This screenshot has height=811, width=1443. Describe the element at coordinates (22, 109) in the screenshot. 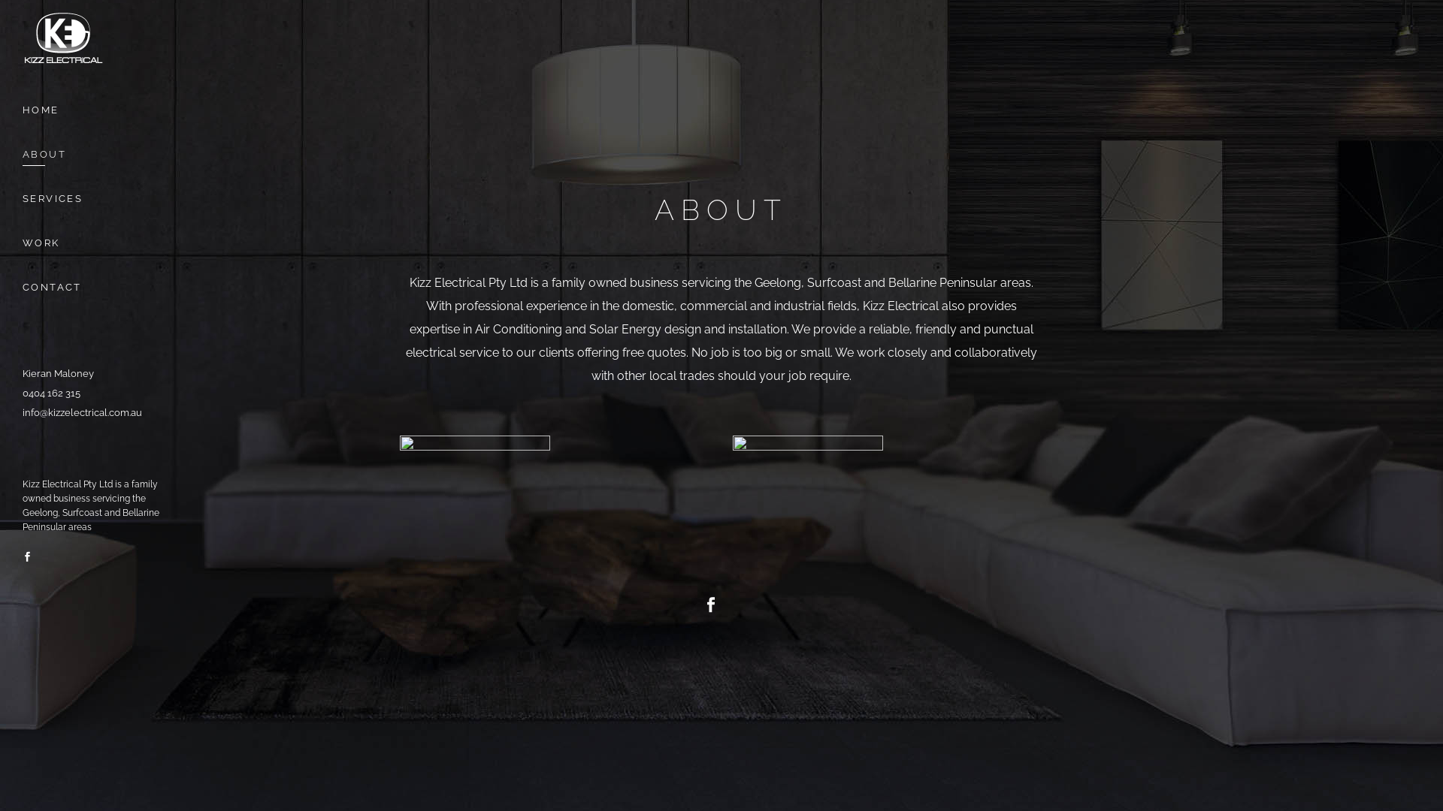

I see `'HOME'` at that location.